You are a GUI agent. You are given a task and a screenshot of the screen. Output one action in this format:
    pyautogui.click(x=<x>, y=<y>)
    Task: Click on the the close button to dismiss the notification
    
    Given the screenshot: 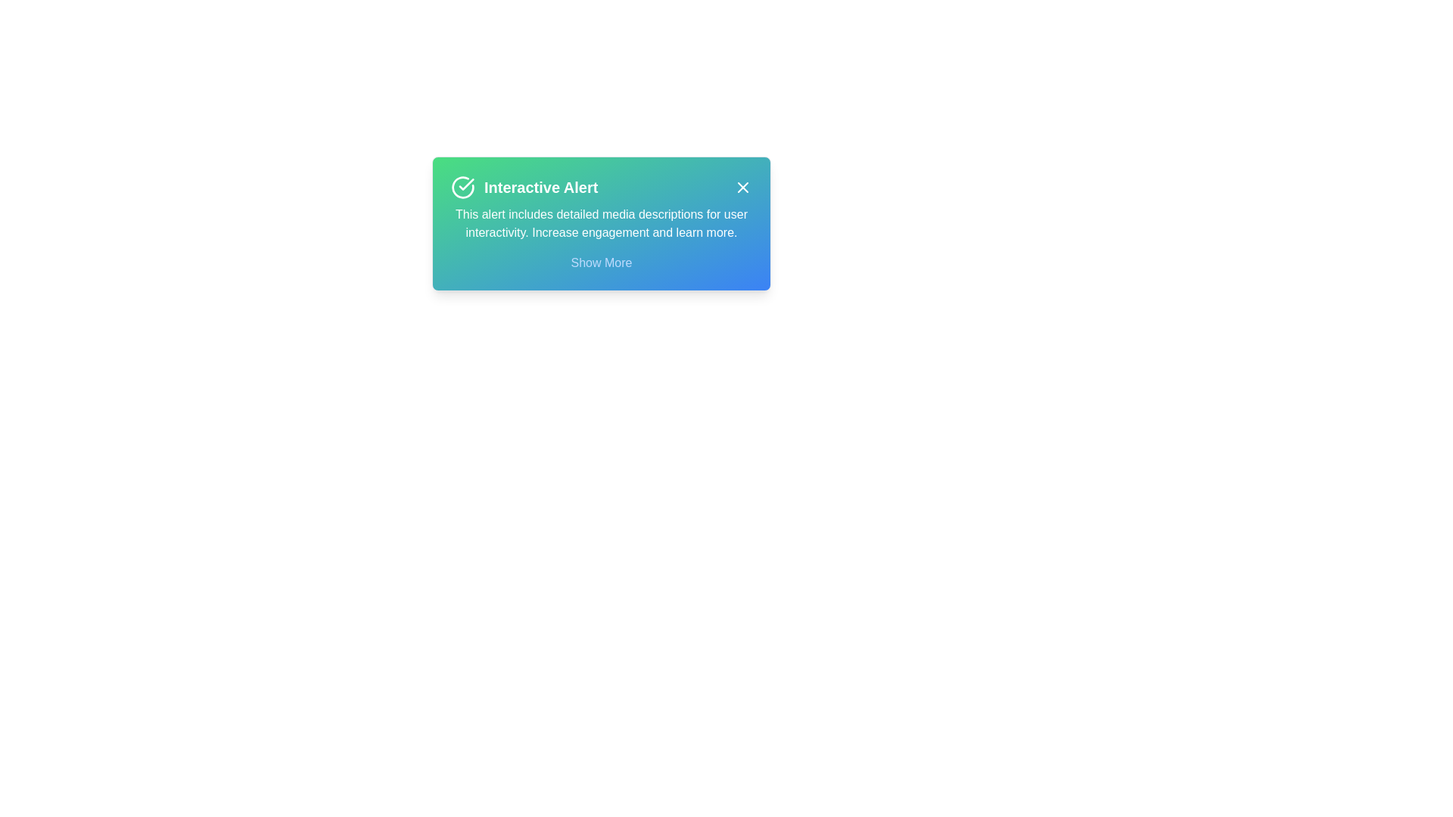 What is the action you would take?
    pyautogui.click(x=743, y=186)
    